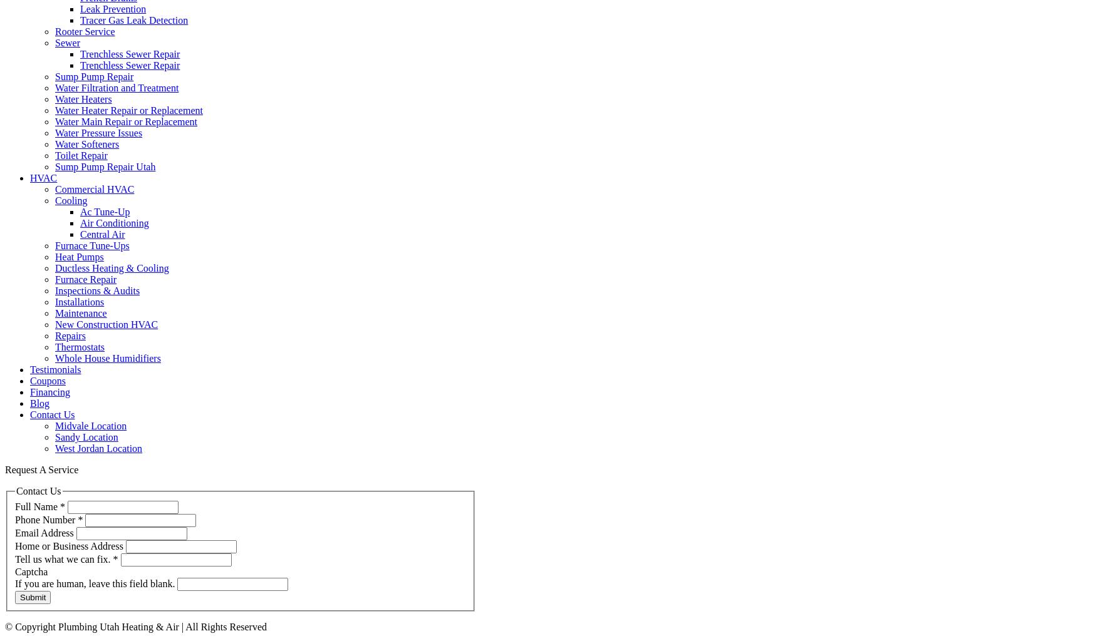  Describe the element at coordinates (69, 336) in the screenshot. I see `'Repairs'` at that location.